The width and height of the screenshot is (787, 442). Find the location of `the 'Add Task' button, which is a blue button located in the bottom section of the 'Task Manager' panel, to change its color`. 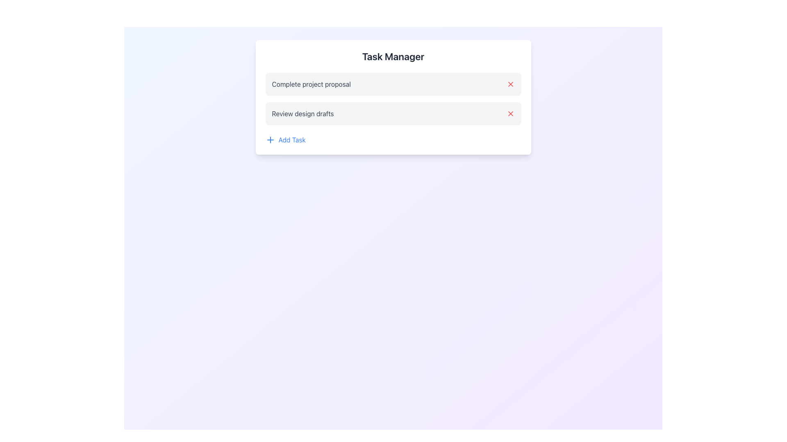

the 'Add Task' button, which is a blue button located in the bottom section of the 'Task Manager' panel, to change its color is located at coordinates (285, 140).